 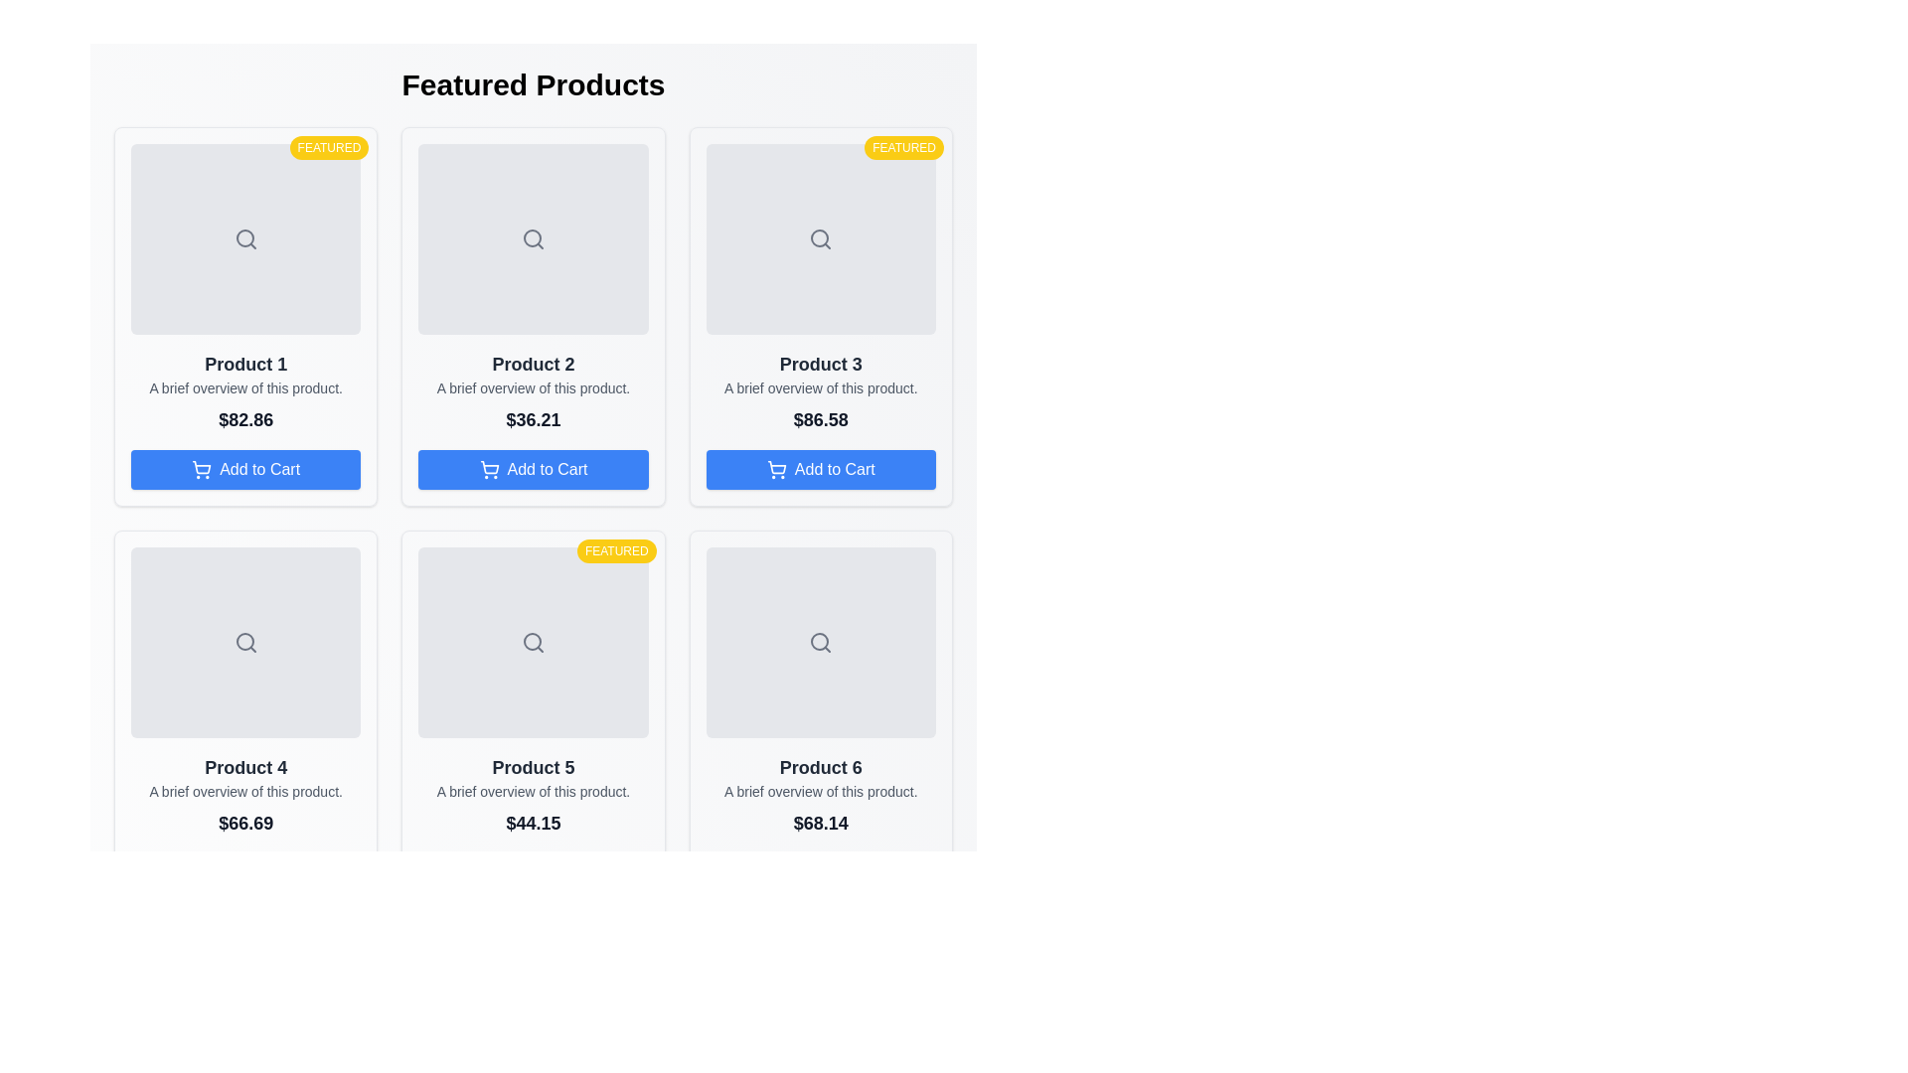 What do you see at coordinates (534, 643) in the screenshot?
I see `the search icon located in the grey area of the 'Product 5' card, which is in the second row and second column of the interface` at bounding box center [534, 643].